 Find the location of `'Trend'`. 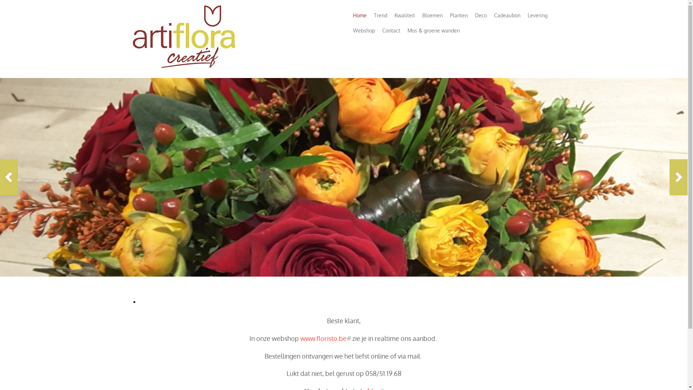

'Trend' is located at coordinates (380, 15).